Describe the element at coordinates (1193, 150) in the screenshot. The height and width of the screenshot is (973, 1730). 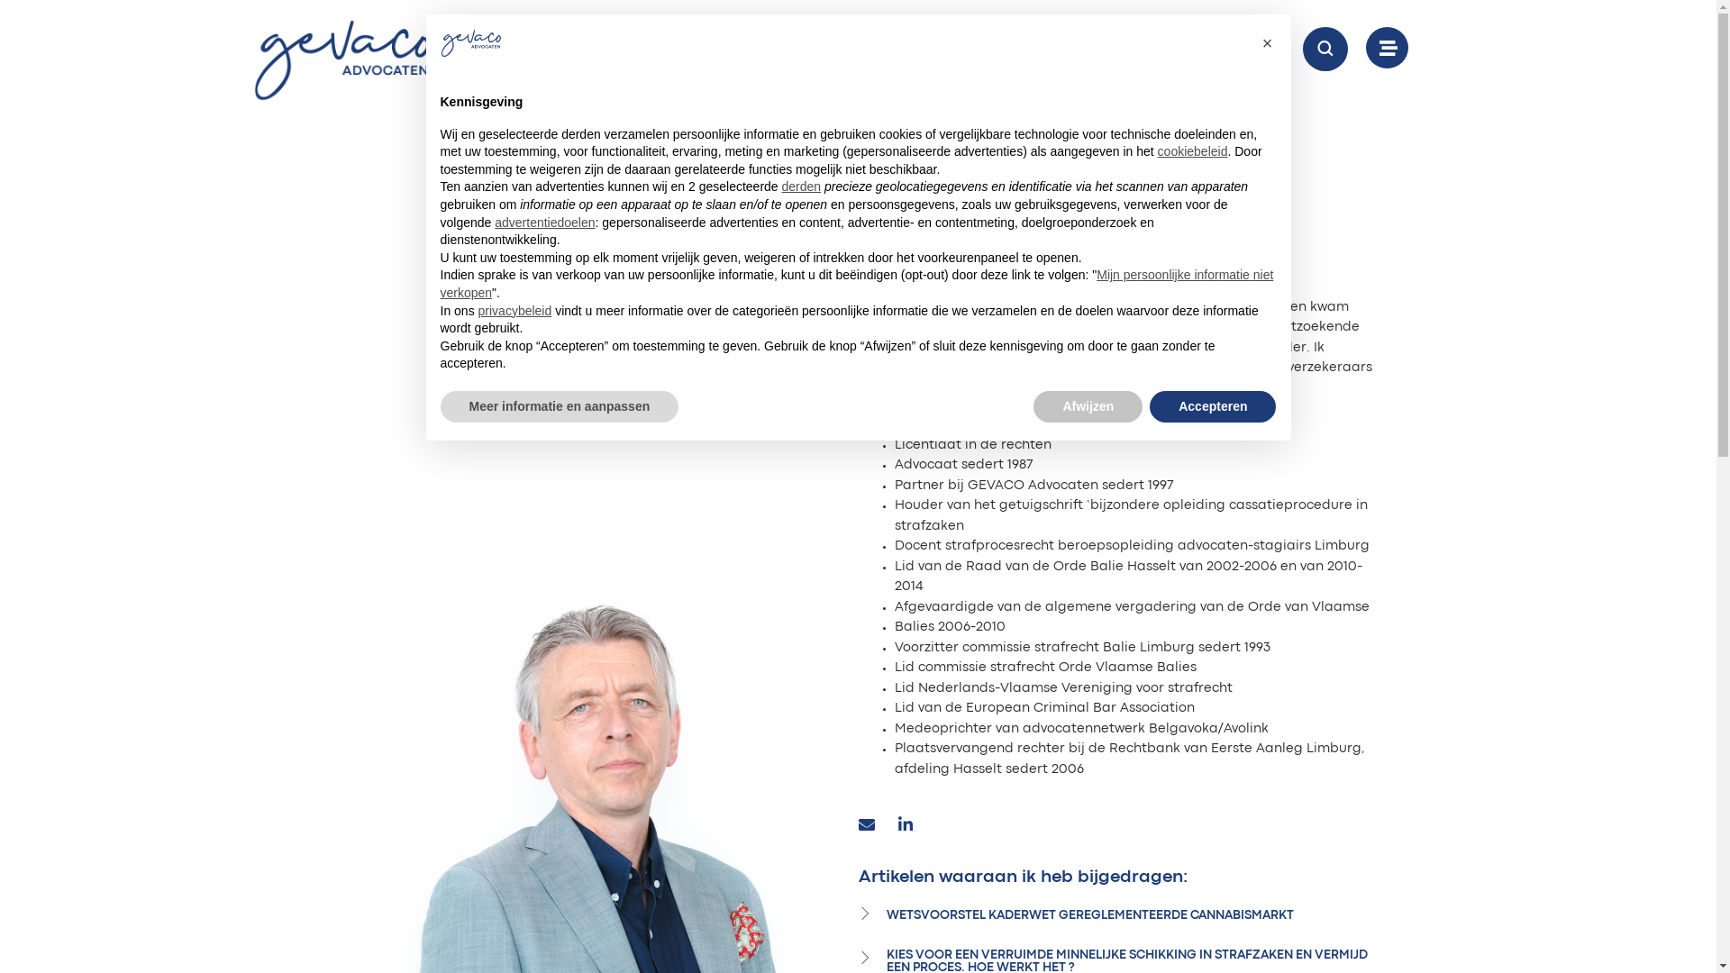
I see `'cookiebeleid'` at that location.